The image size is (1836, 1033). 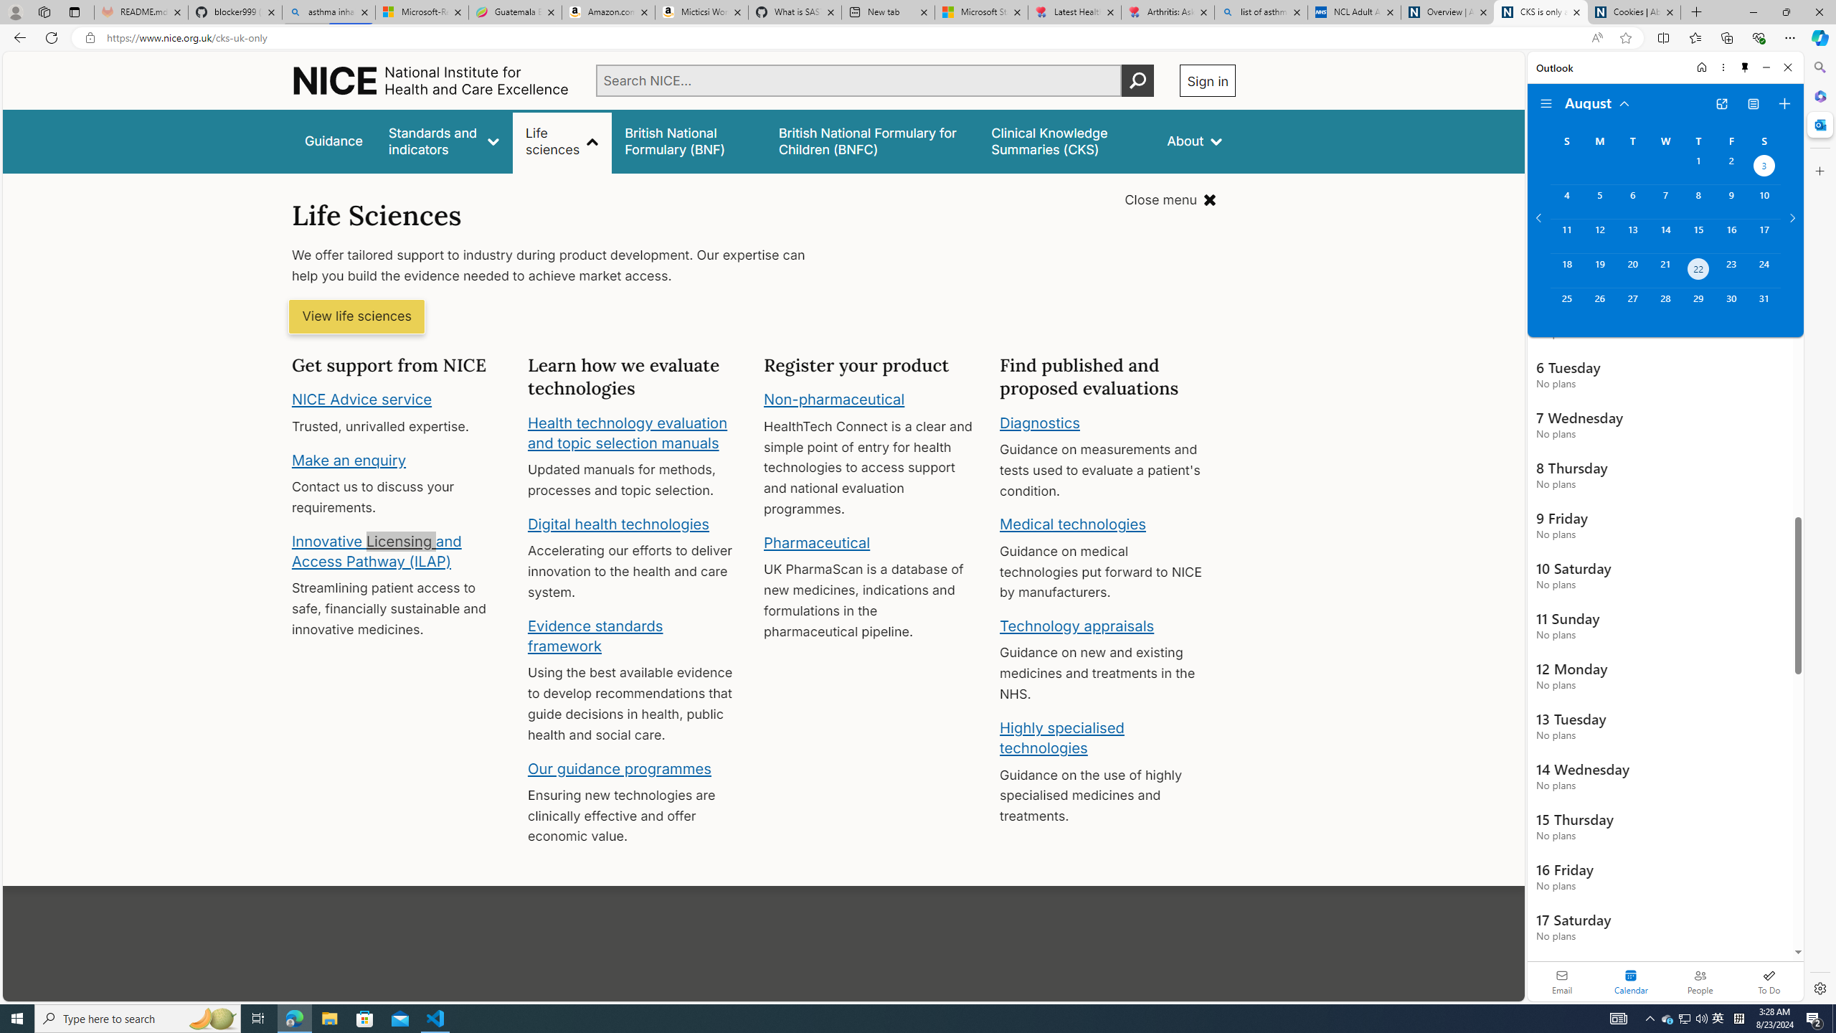 I want to click on 'Thursday, August 1, 2024. ', so click(x=1698, y=167).